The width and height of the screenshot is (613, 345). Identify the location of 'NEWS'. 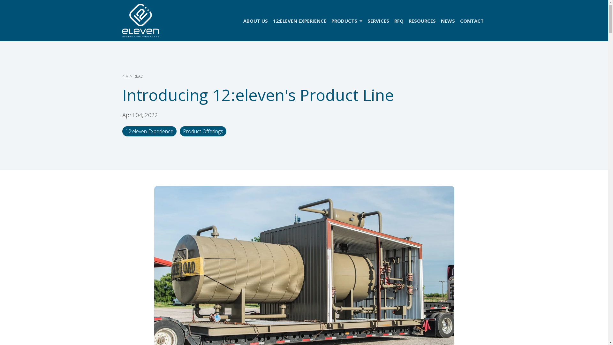
(447, 20).